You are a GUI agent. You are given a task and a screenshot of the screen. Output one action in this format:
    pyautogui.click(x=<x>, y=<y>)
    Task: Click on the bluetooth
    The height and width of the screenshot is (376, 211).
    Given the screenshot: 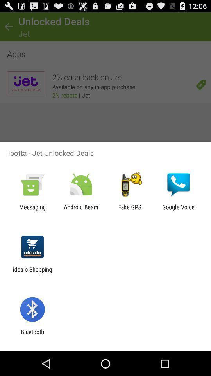 What is the action you would take?
    pyautogui.click(x=32, y=335)
    